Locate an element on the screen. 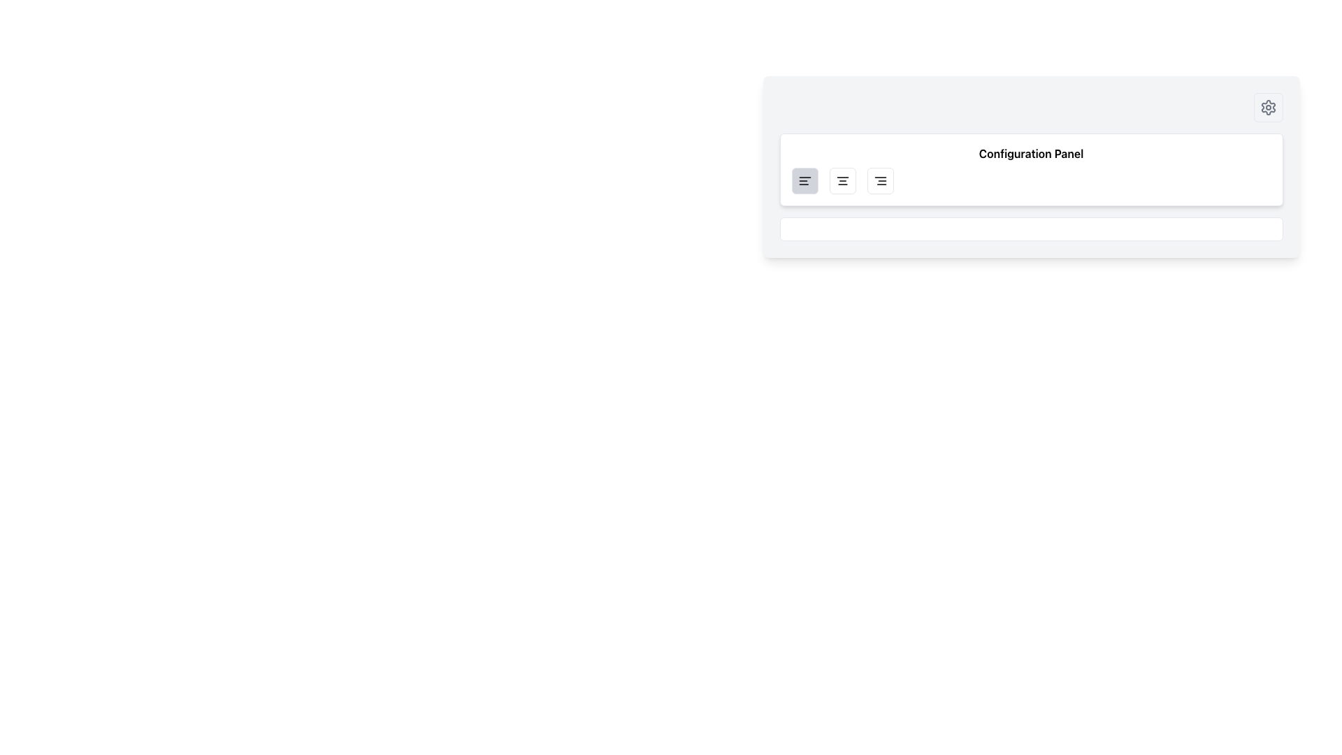 The height and width of the screenshot is (755, 1342). the leftmost button in the toolbar, which has a light gray background and an icon of three horizontal lines is located at coordinates (805, 180).